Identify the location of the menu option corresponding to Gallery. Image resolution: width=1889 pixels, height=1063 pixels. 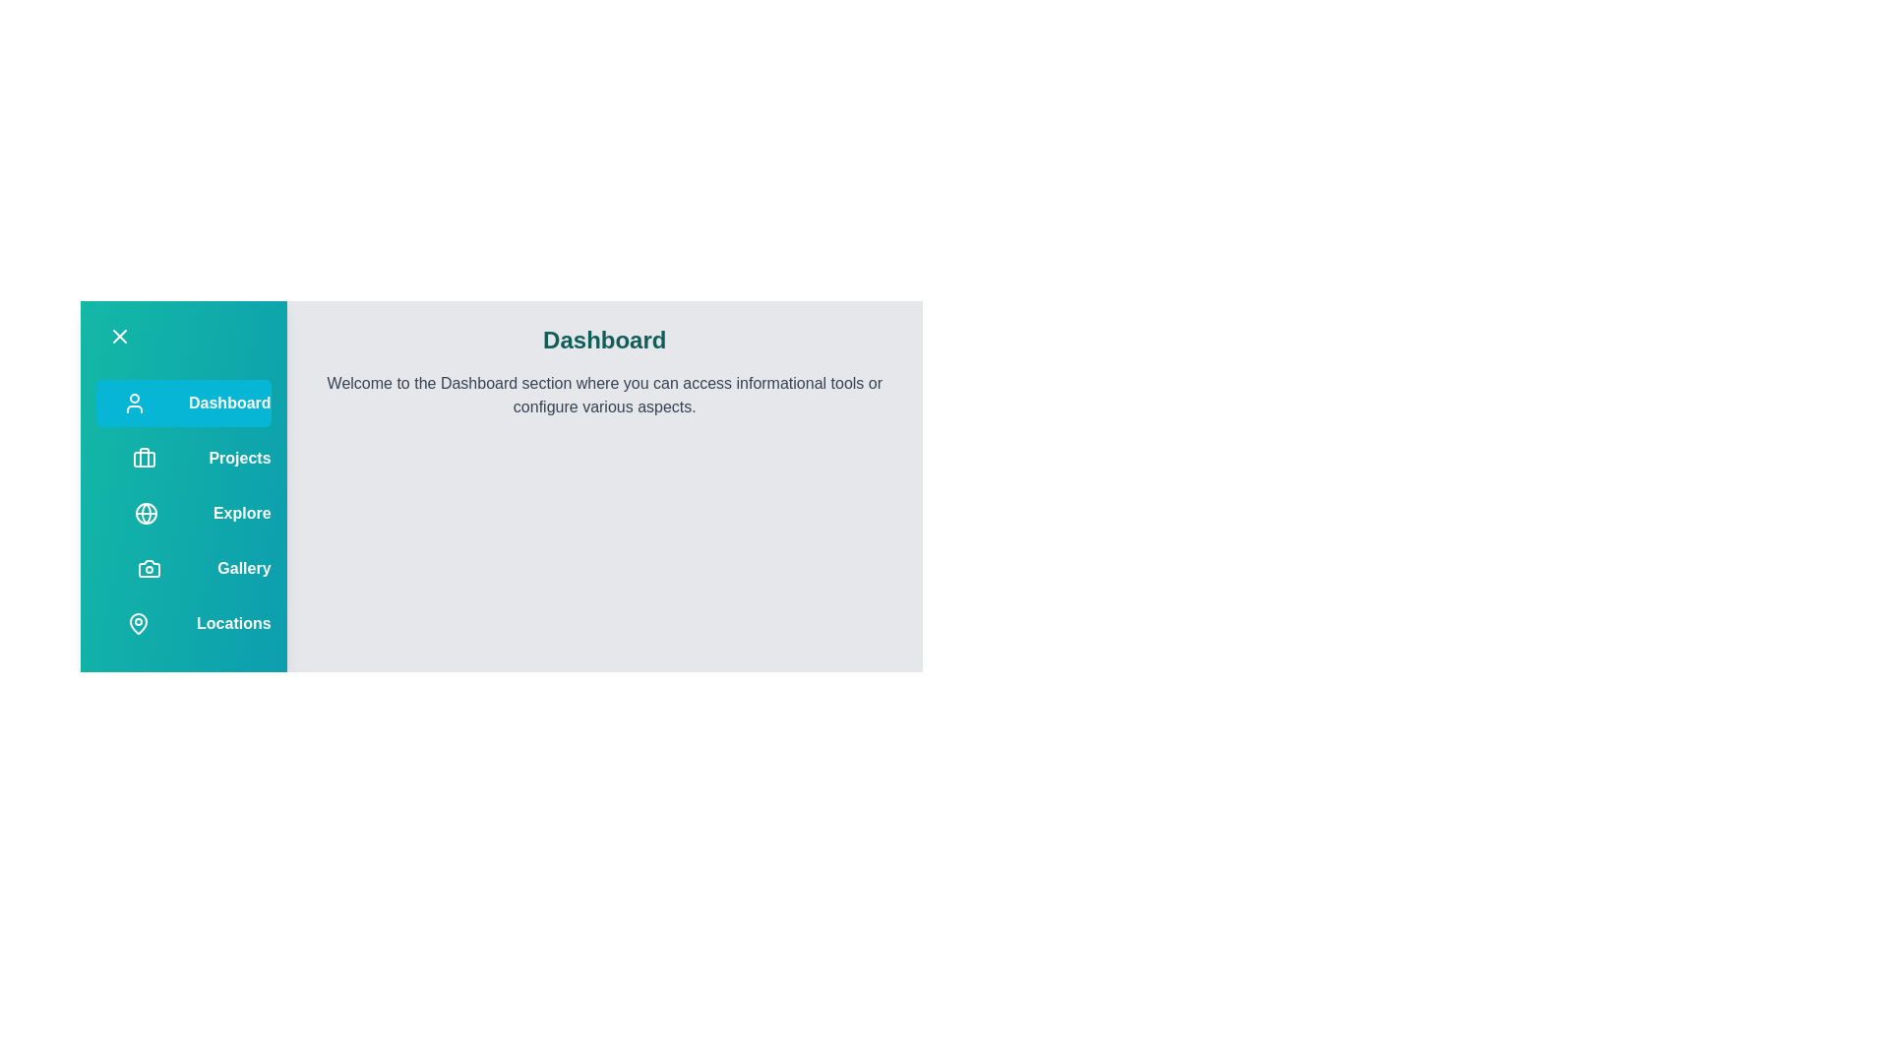
(147, 569).